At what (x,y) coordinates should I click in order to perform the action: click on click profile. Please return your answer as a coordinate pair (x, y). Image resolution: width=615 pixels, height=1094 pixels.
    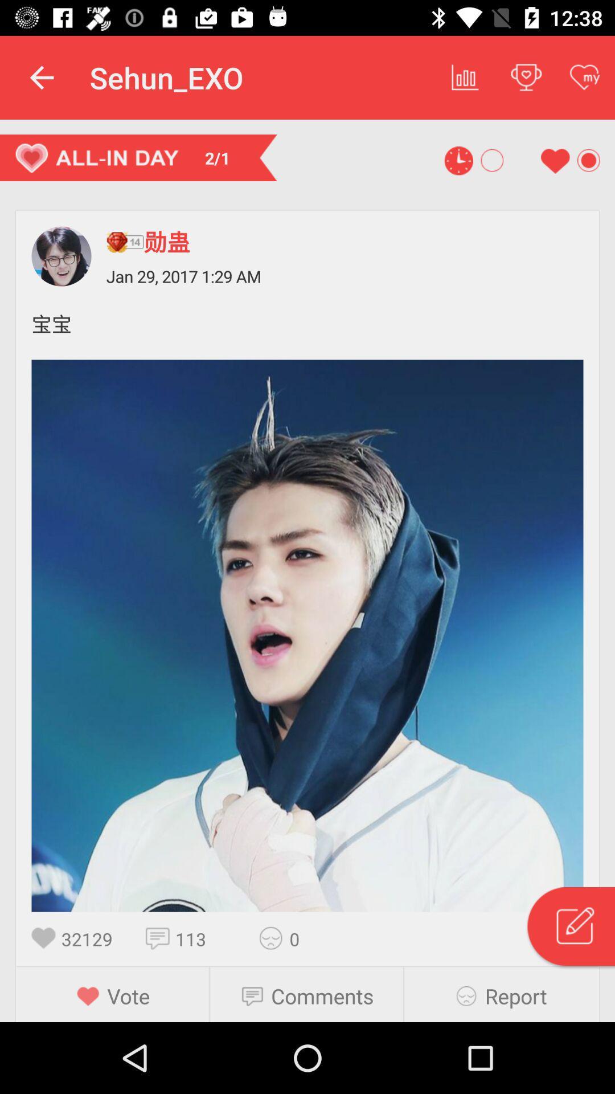
    Looking at the image, I should click on (61, 256).